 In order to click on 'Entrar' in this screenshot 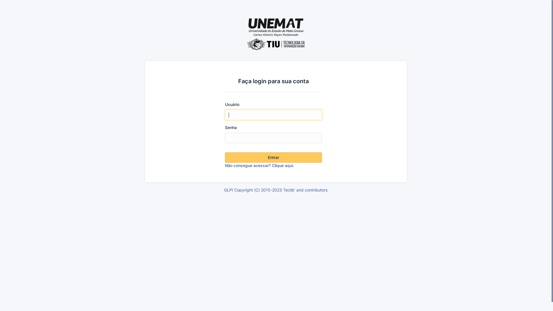, I will do `click(273, 158)`.